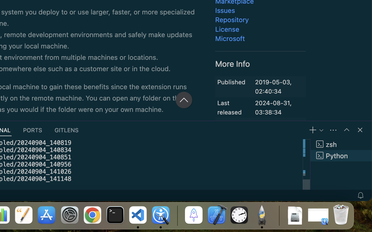 The image size is (372, 232). What do you see at coordinates (341, 144) in the screenshot?
I see `'zsh '` at bounding box center [341, 144].